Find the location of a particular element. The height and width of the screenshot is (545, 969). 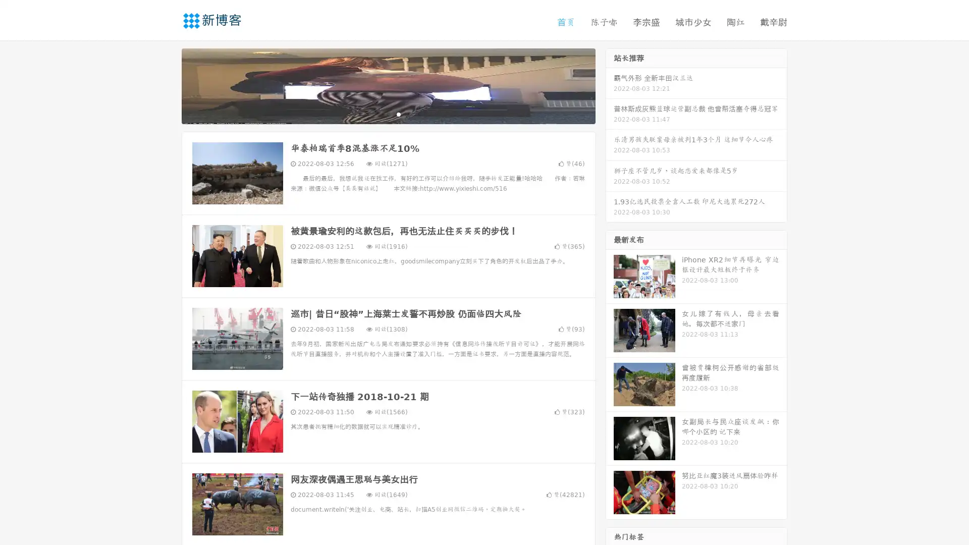

Go to slide 1 is located at coordinates (378, 114).